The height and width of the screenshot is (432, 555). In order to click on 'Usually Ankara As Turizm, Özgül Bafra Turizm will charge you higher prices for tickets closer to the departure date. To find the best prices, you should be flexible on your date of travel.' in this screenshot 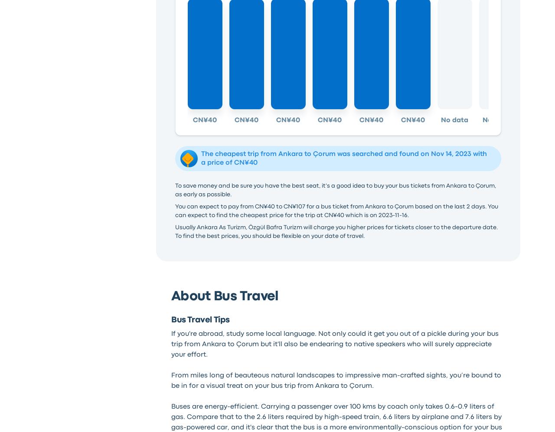, I will do `click(336, 231)`.